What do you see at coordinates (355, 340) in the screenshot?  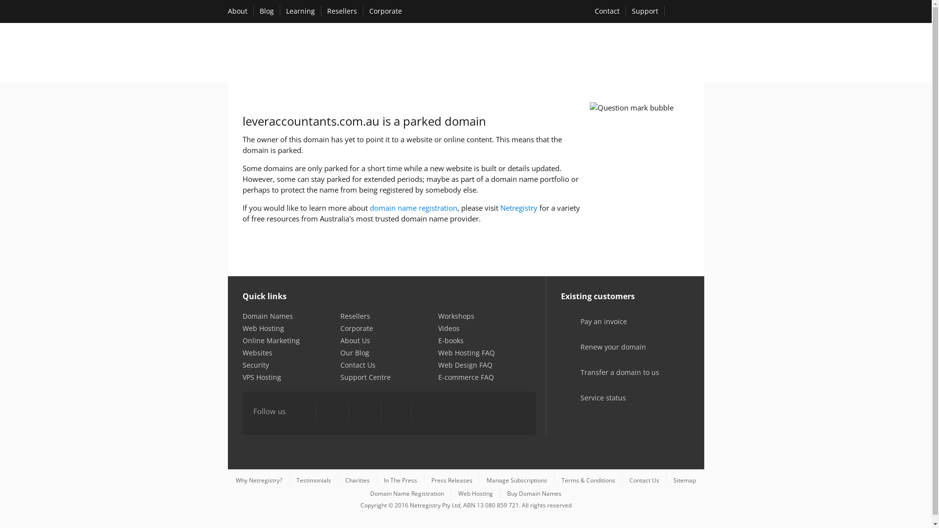 I see `'About Us'` at bounding box center [355, 340].